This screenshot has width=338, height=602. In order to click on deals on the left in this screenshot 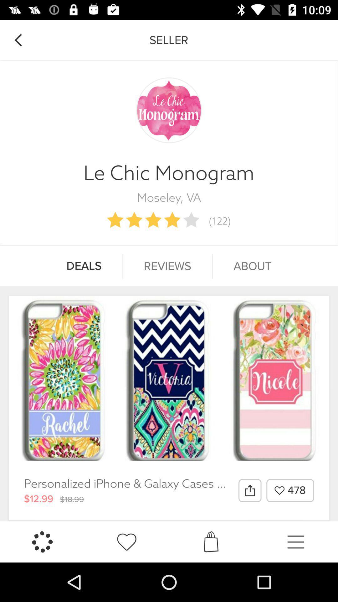, I will do `click(84, 266)`.